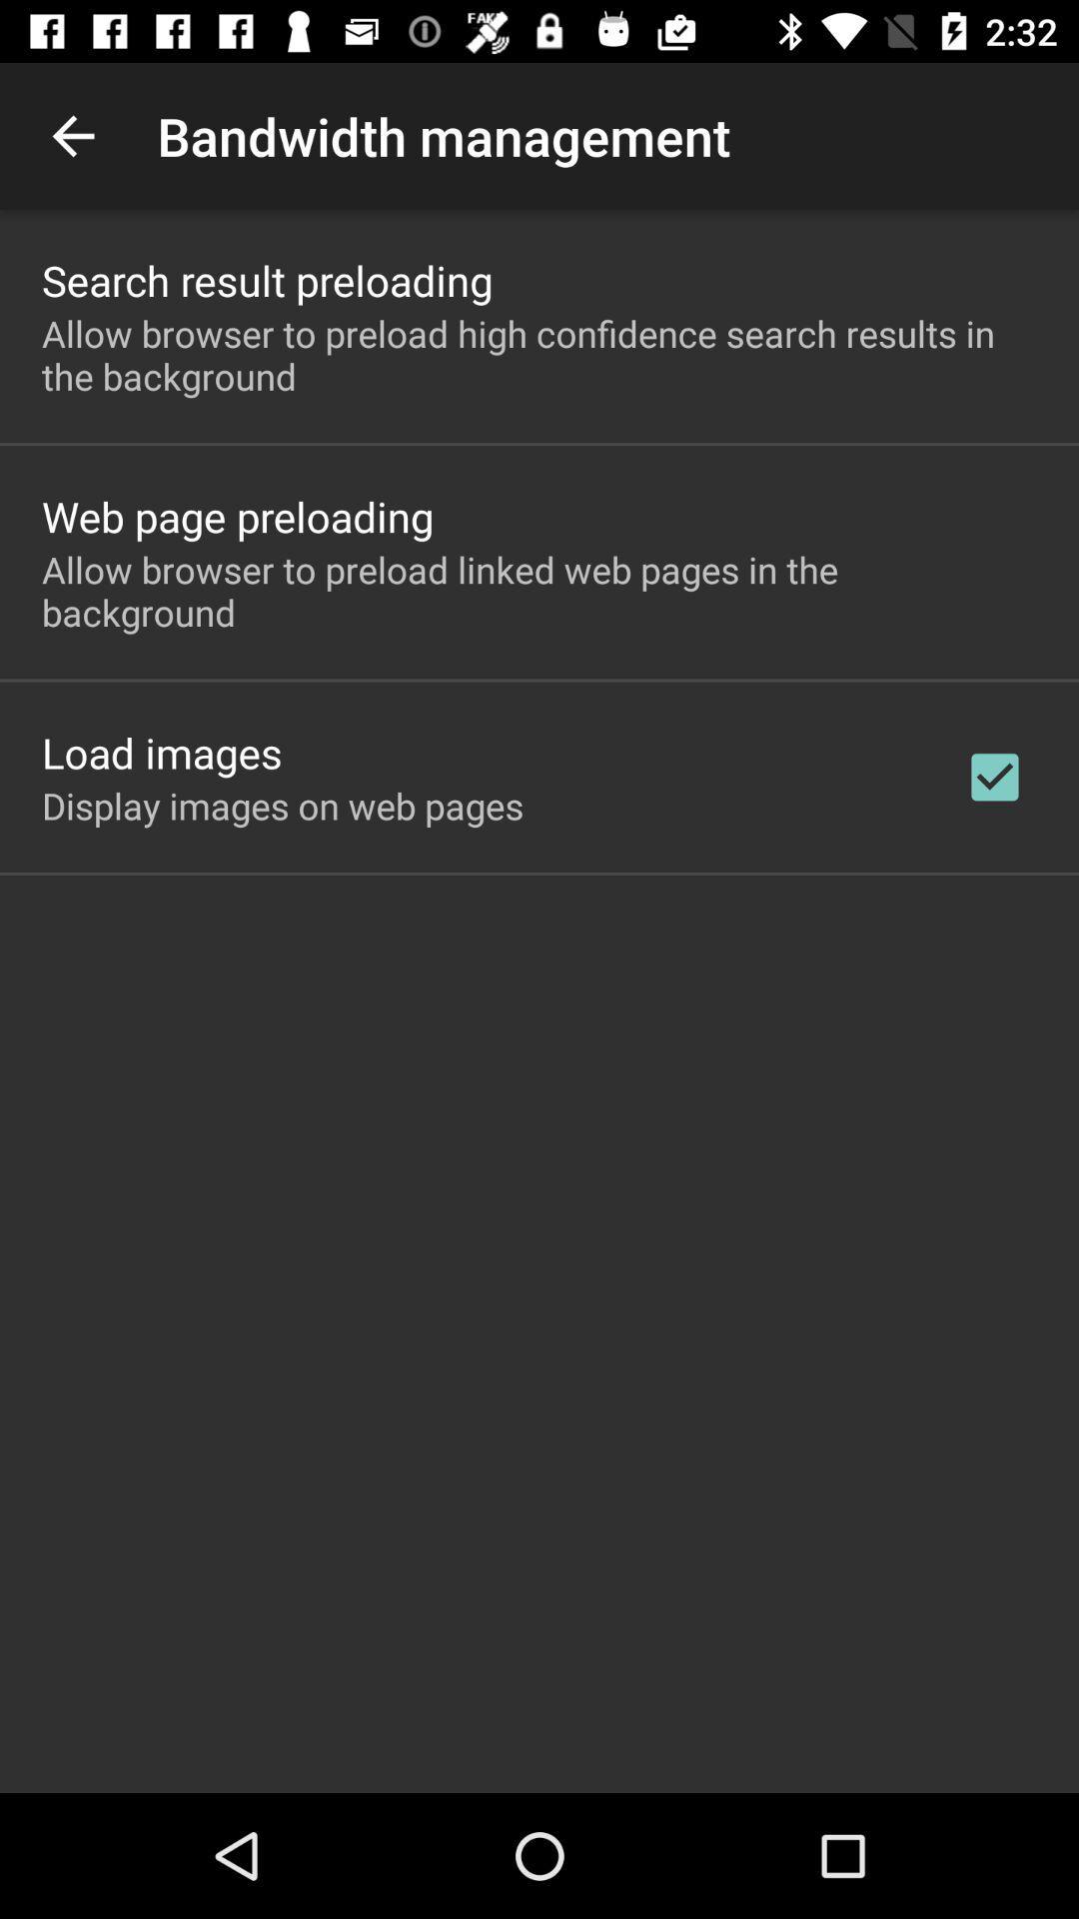 This screenshot has height=1919, width=1079. I want to click on the app below the allow browser to, so click(237, 516).